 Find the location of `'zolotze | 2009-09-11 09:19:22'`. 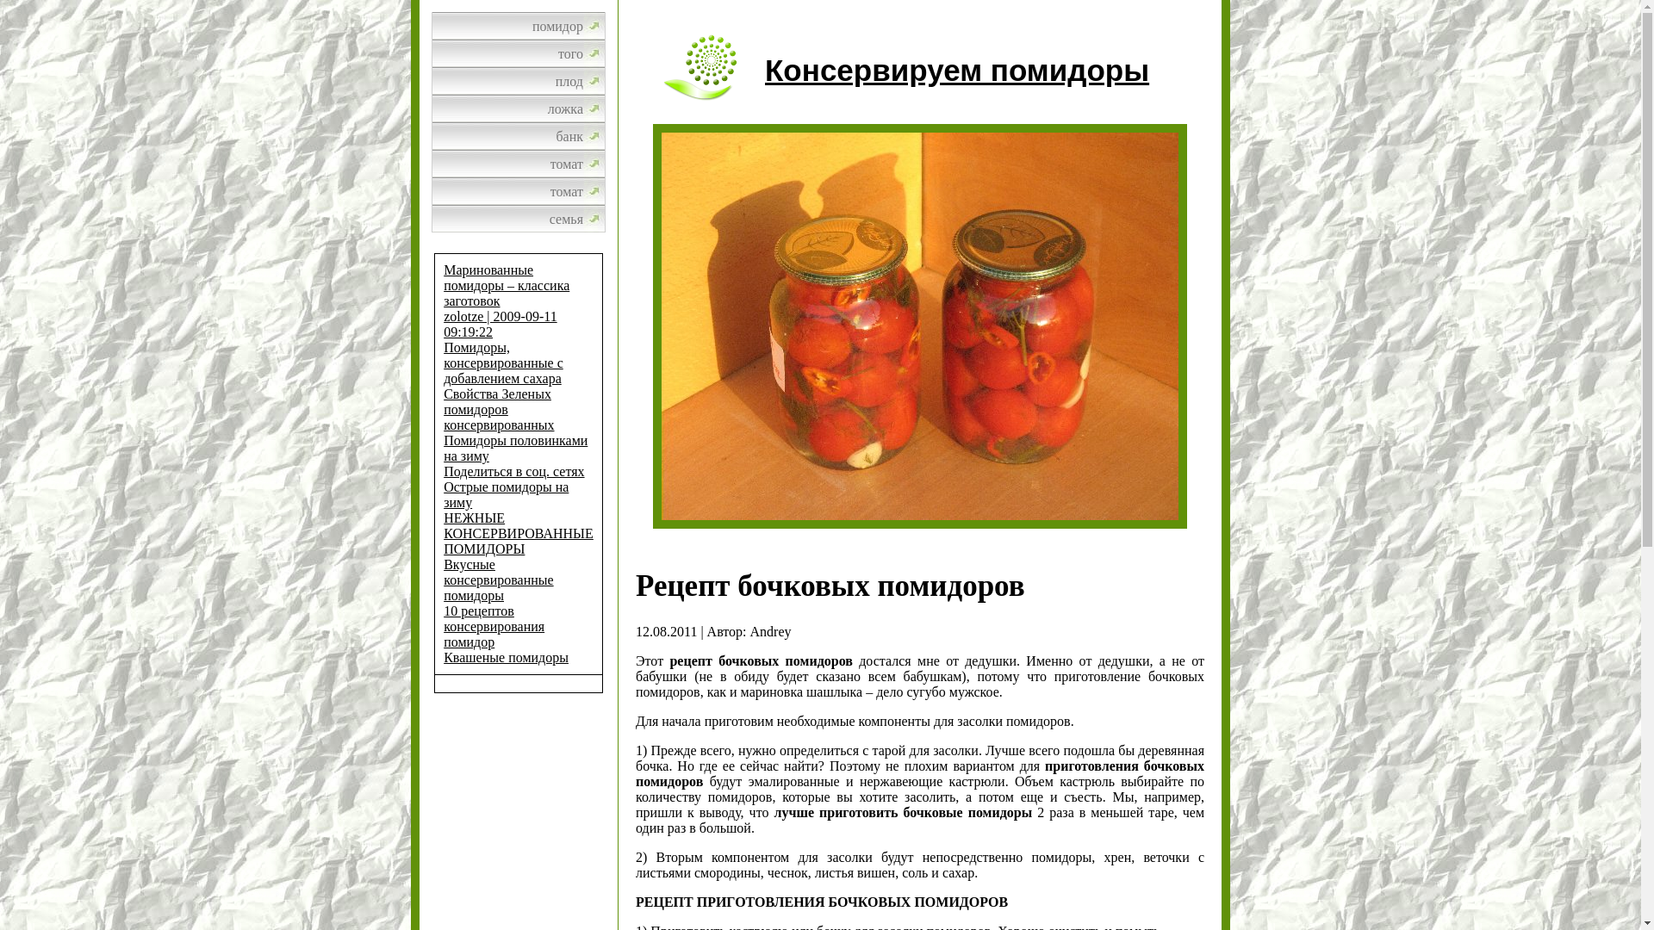

'zolotze | 2009-09-11 09:19:22' is located at coordinates (499, 324).